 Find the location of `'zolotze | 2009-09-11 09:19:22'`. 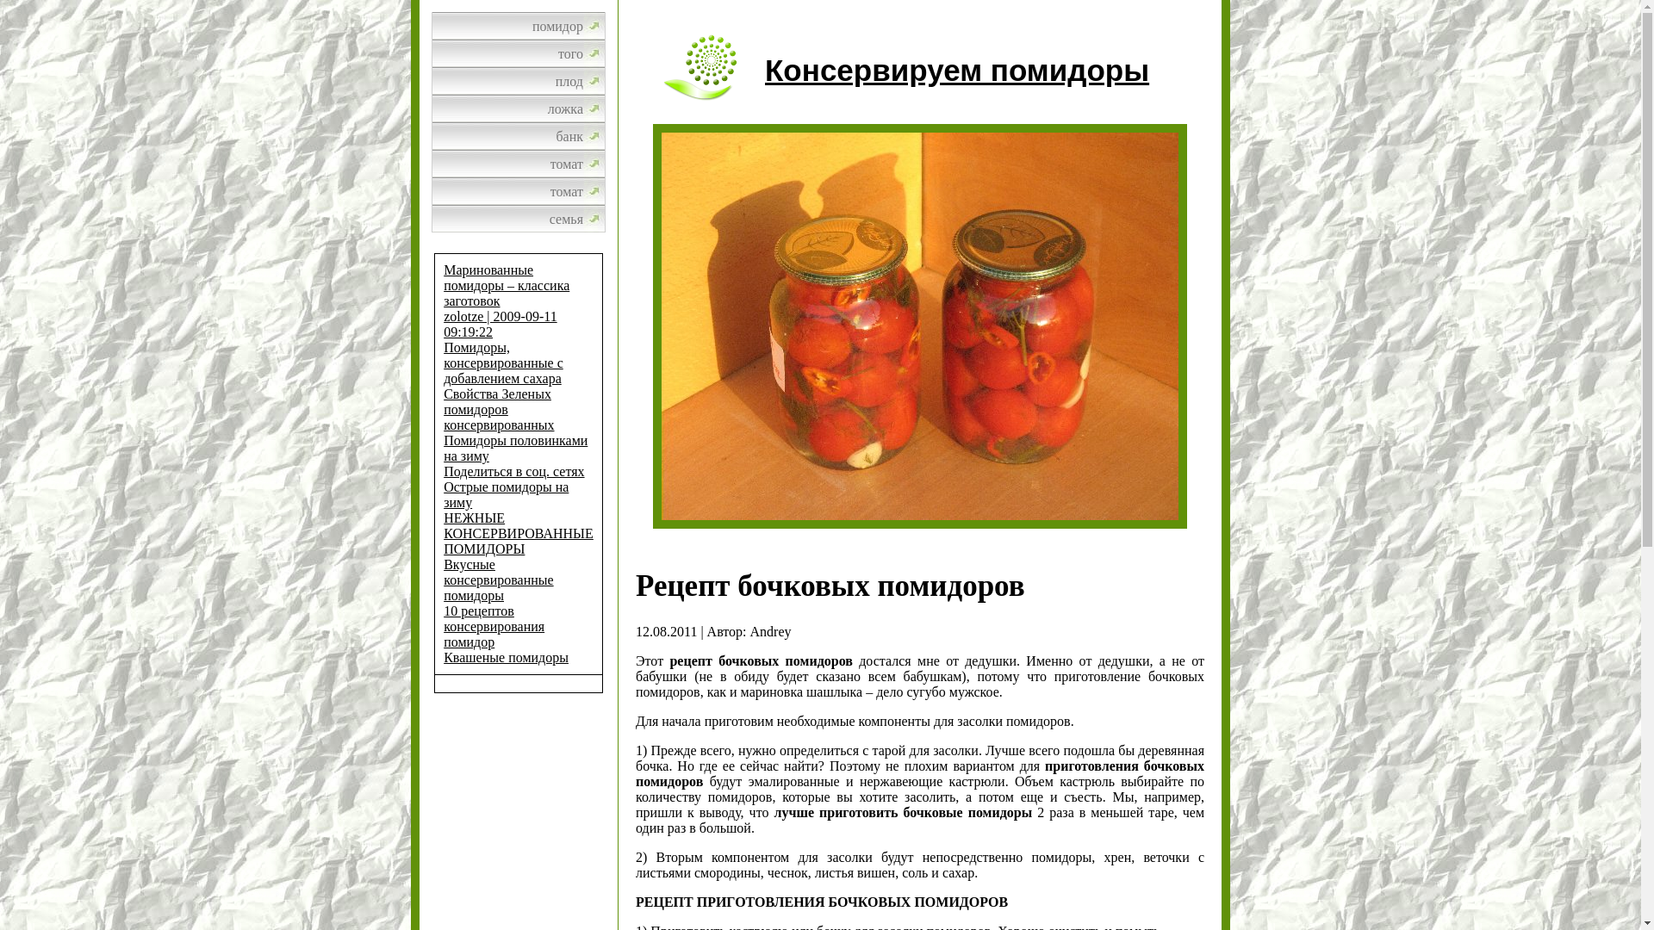

'zolotze | 2009-09-11 09:19:22' is located at coordinates (499, 324).